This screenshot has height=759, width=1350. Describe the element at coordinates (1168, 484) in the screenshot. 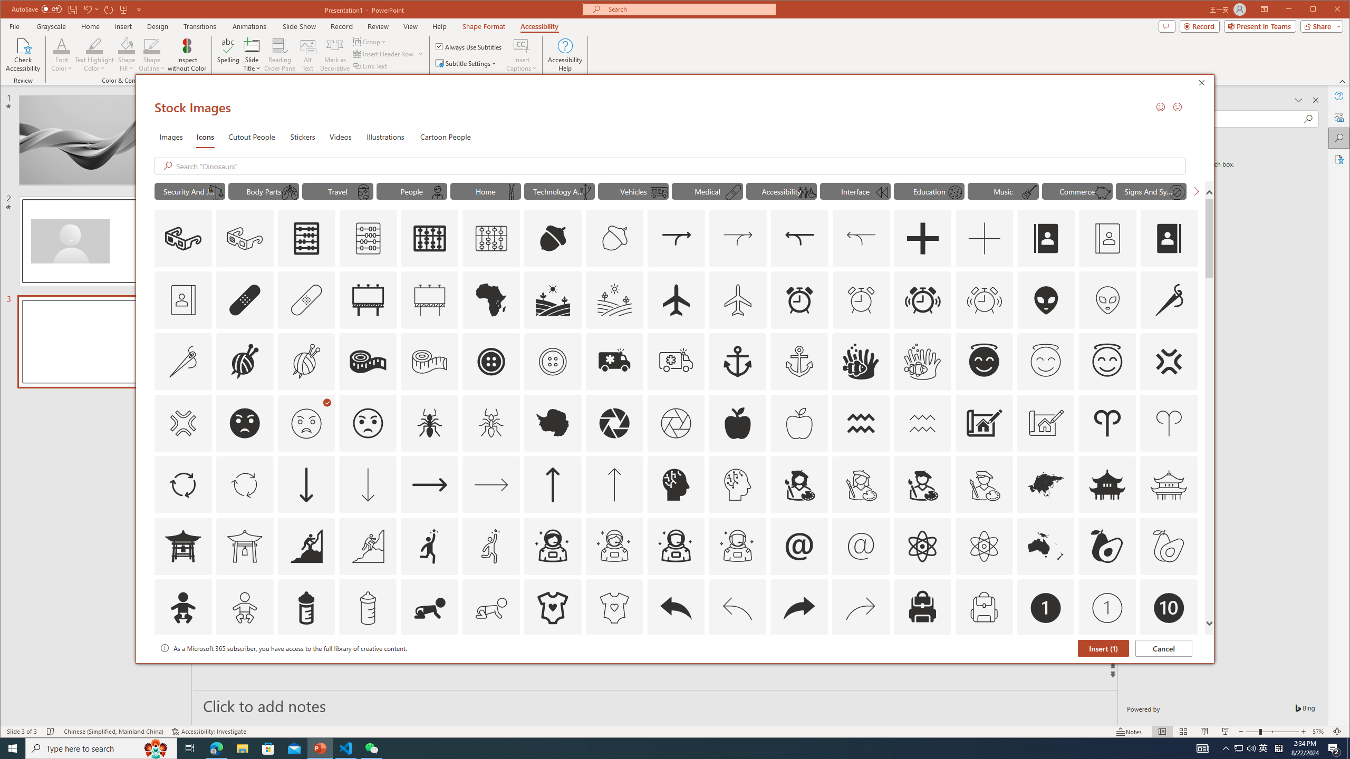

I see `'AutomationID: Icons_AsianTemple_M'` at that location.